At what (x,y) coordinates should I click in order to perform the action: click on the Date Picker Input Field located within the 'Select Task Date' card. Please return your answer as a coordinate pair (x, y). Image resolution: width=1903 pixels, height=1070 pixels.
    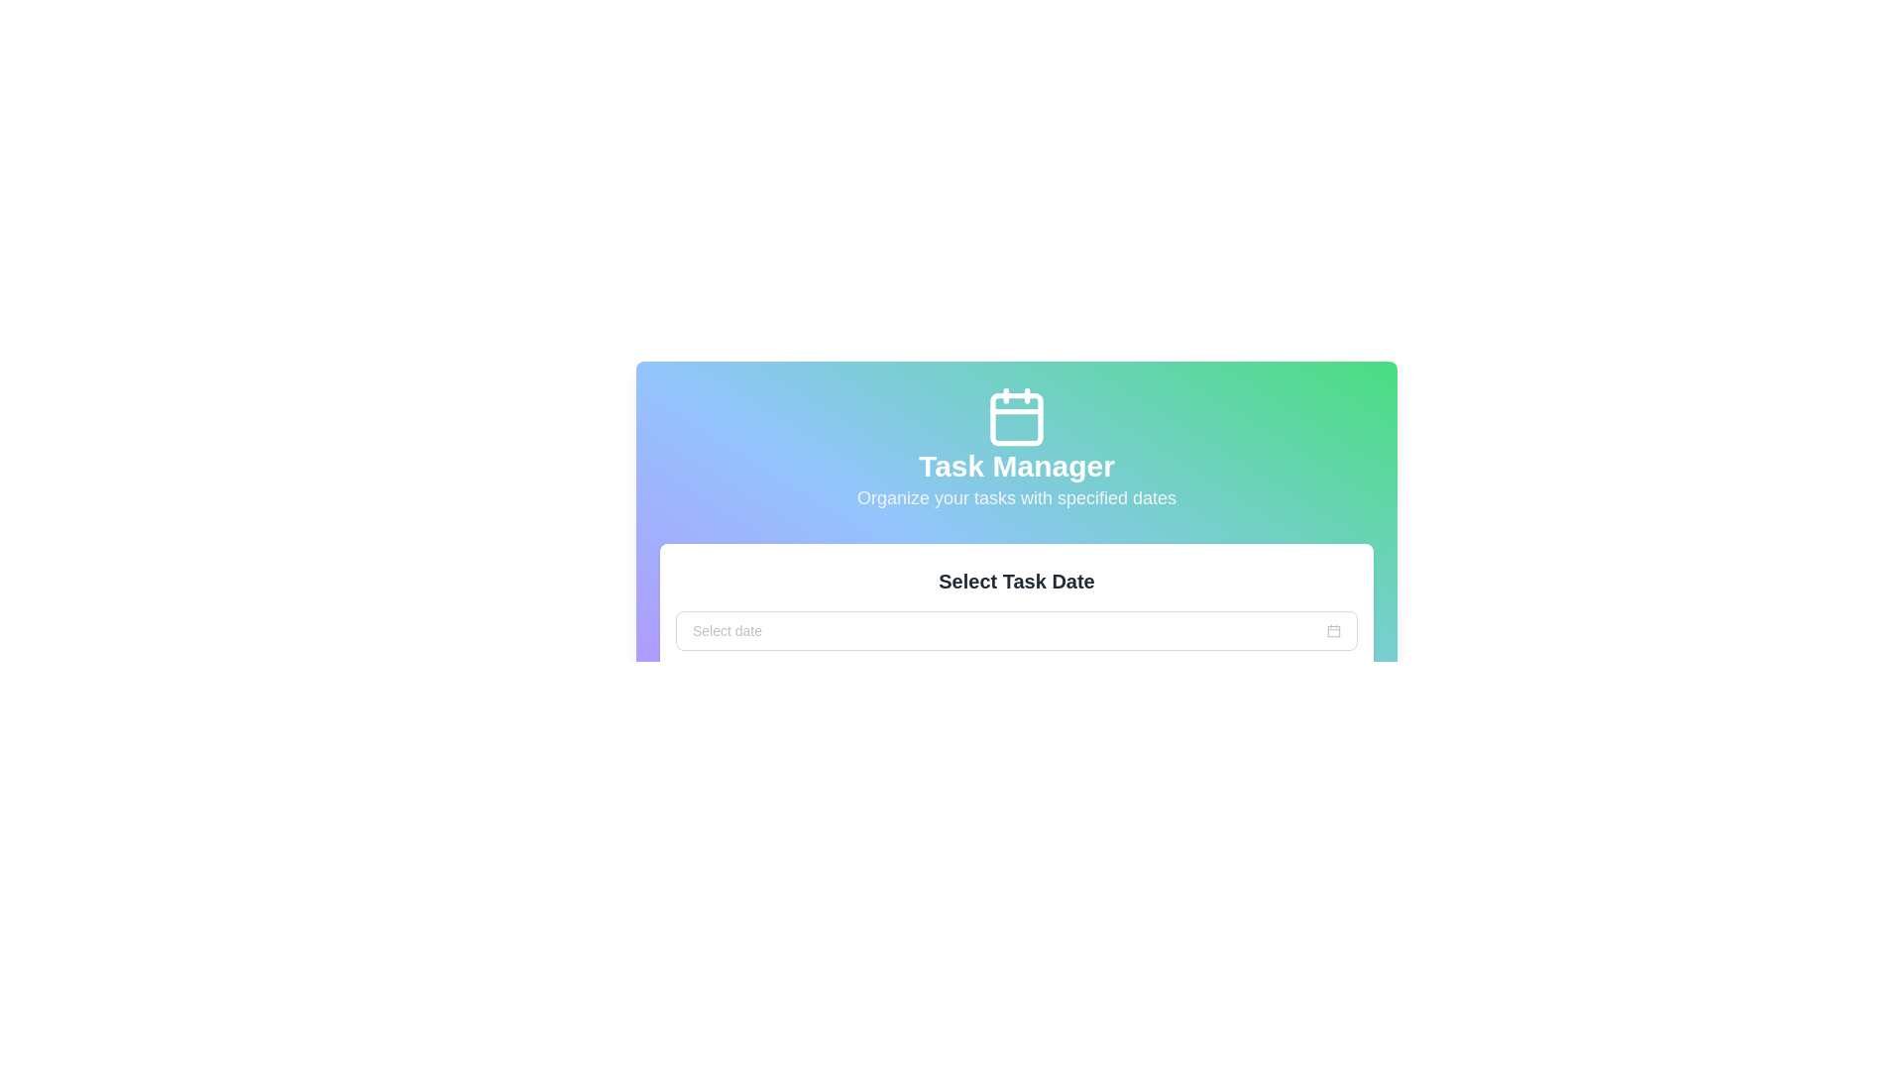
    Looking at the image, I should click on (1017, 630).